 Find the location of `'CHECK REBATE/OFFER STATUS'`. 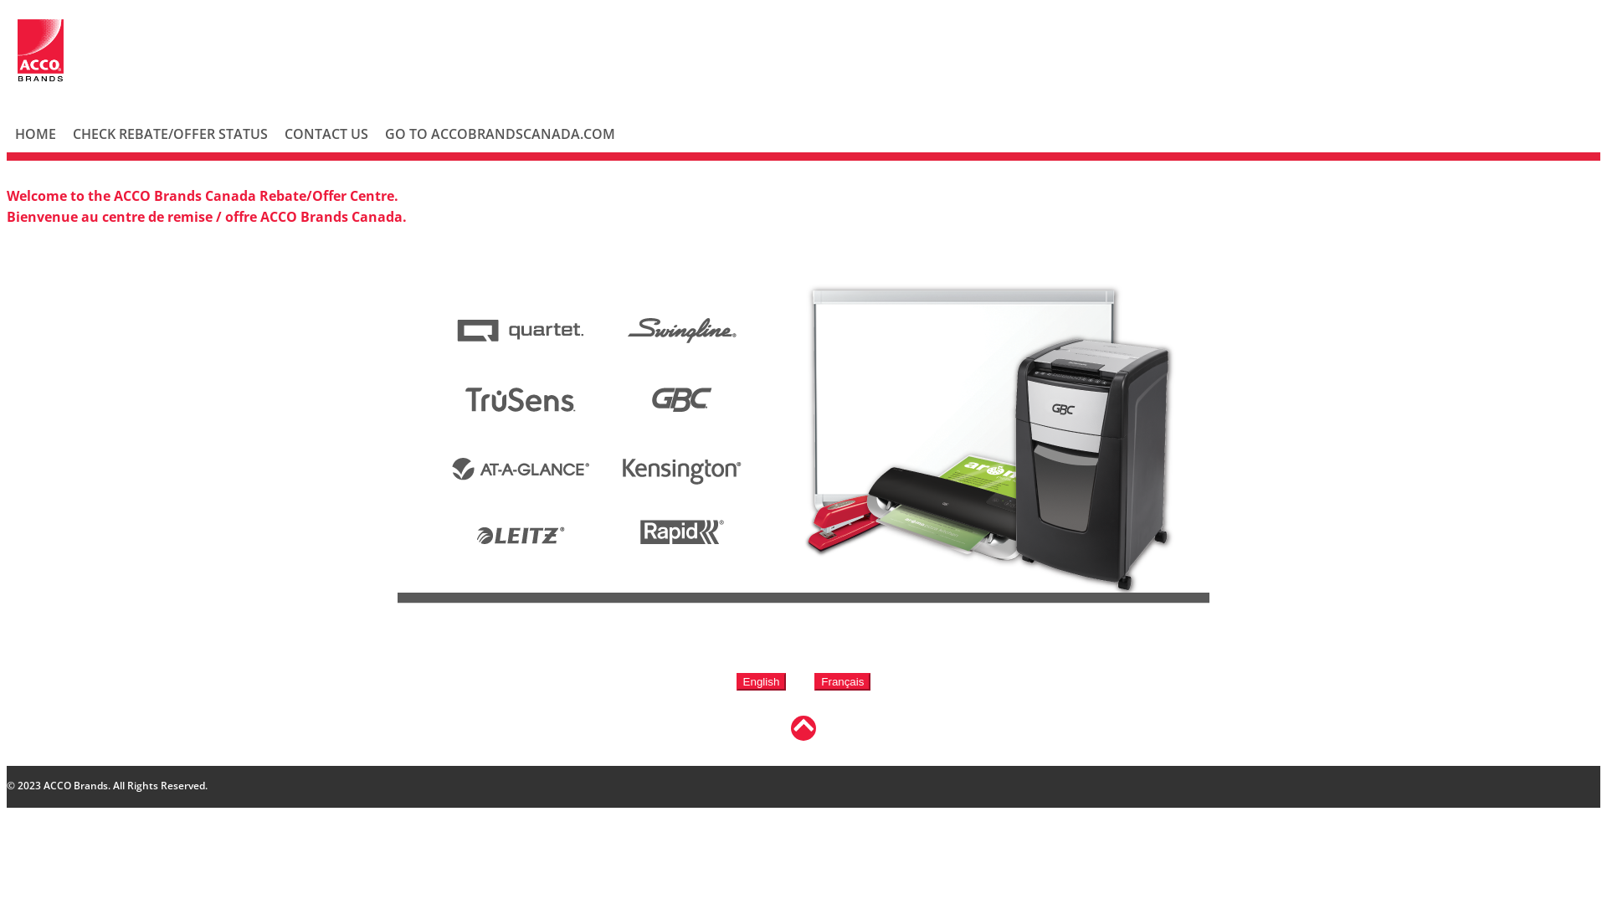

'CHECK REBATE/OFFER STATUS' is located at coordinates (64, 132).